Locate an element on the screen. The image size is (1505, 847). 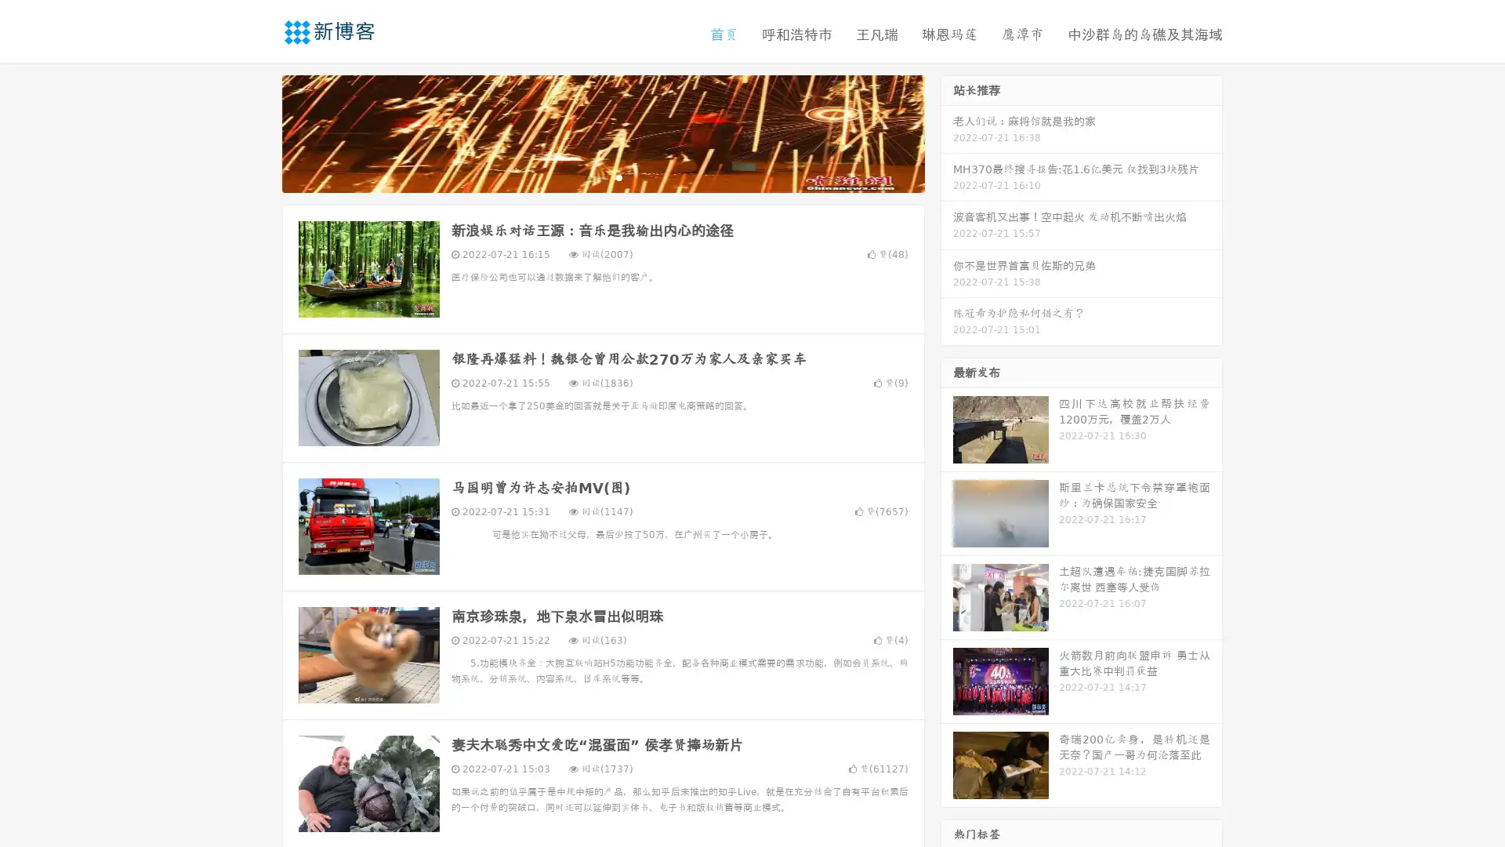
Next slide is located at coordinates (947, 132).